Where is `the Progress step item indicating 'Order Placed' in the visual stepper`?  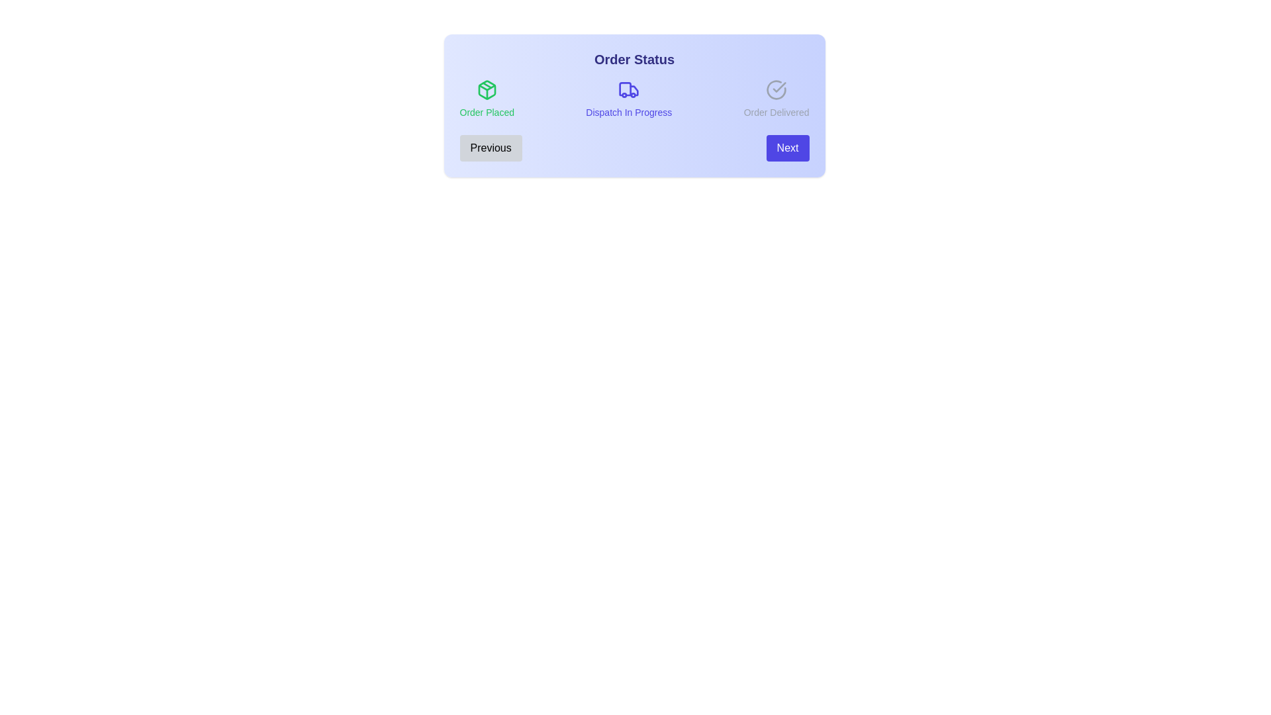
the Progress step item indicating 'Order Placed' in the visual stepper is located at coordinates (486, 99).